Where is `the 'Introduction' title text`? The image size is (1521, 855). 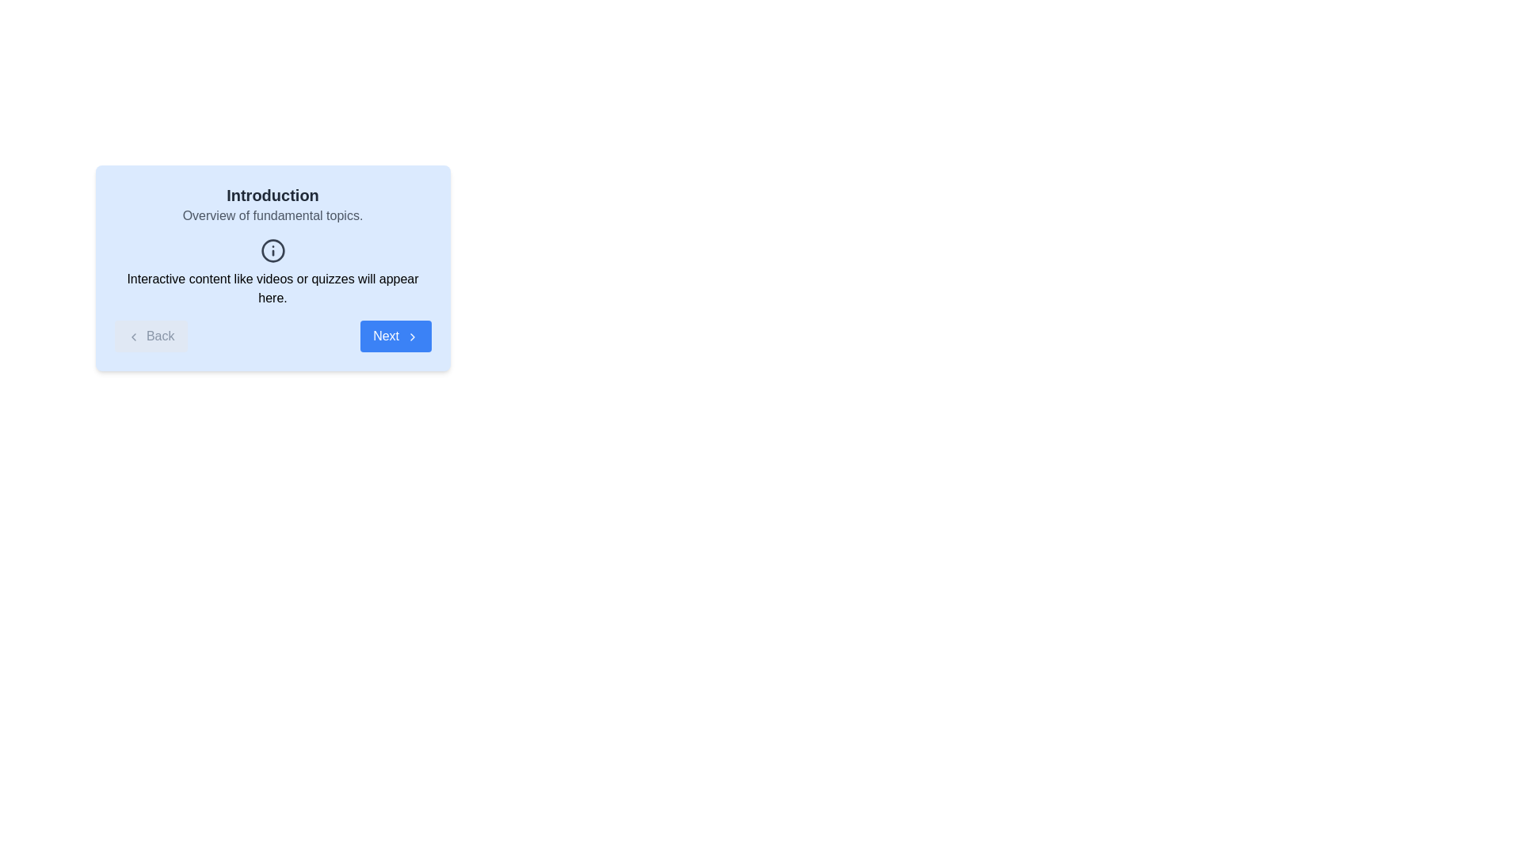
the 'Introduction' title text is located at coordinates (273, 194).